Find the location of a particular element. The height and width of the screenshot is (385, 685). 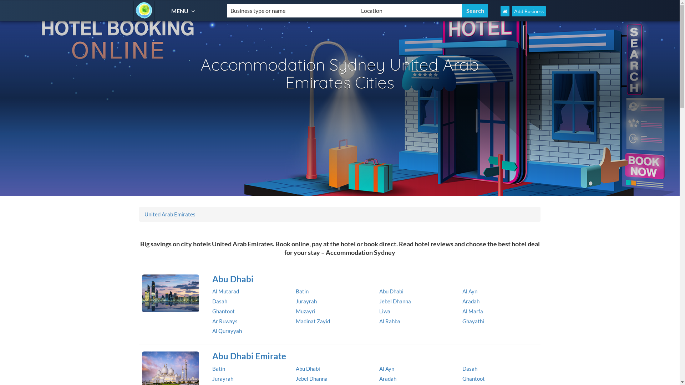

'Batin' is located at coordinates (212, 368).